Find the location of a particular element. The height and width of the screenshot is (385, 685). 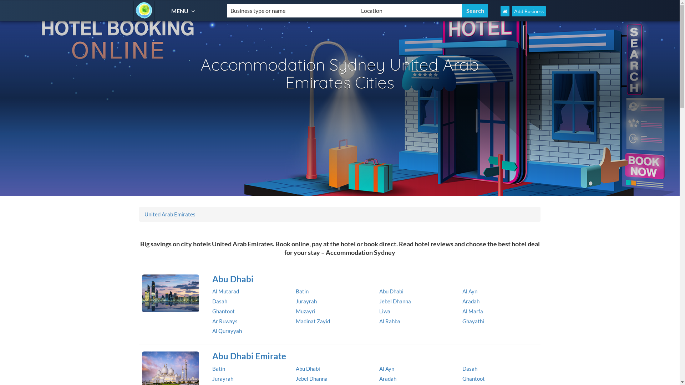

'Batin' is located at coordinates (212, 368).